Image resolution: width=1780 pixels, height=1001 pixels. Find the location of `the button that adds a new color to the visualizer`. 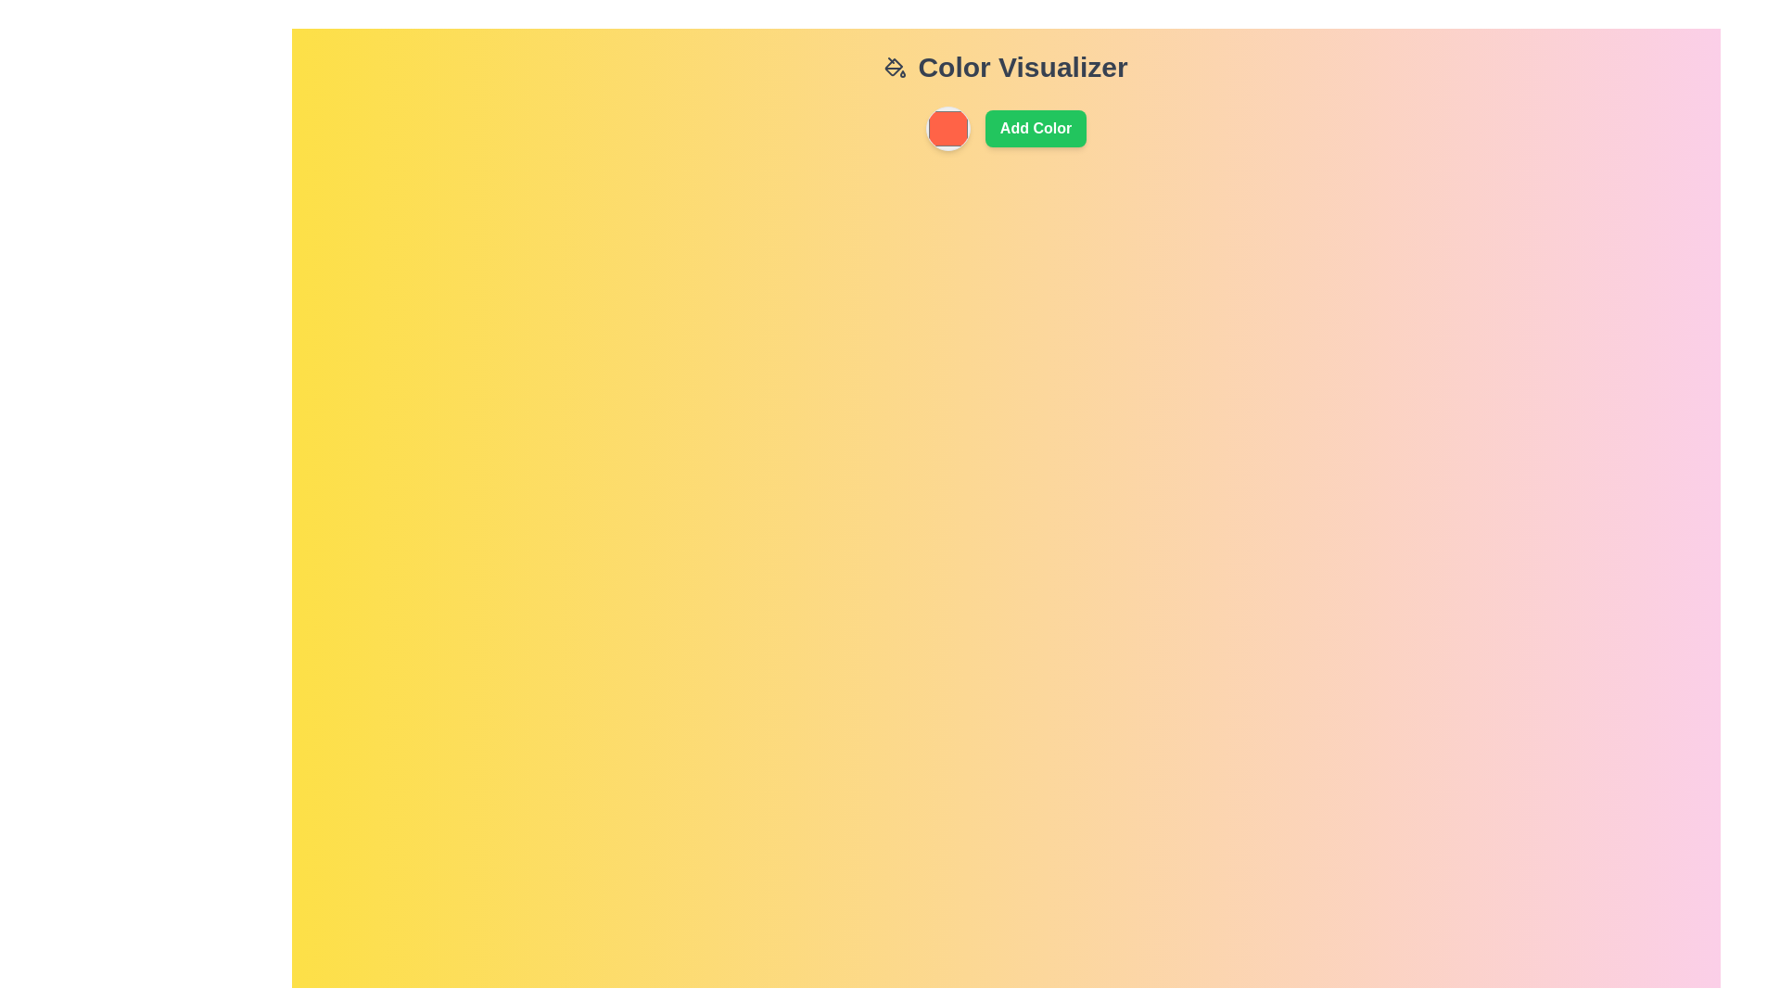

the button that adds a new color to the visualizer is located at coordinates (1035, 127).